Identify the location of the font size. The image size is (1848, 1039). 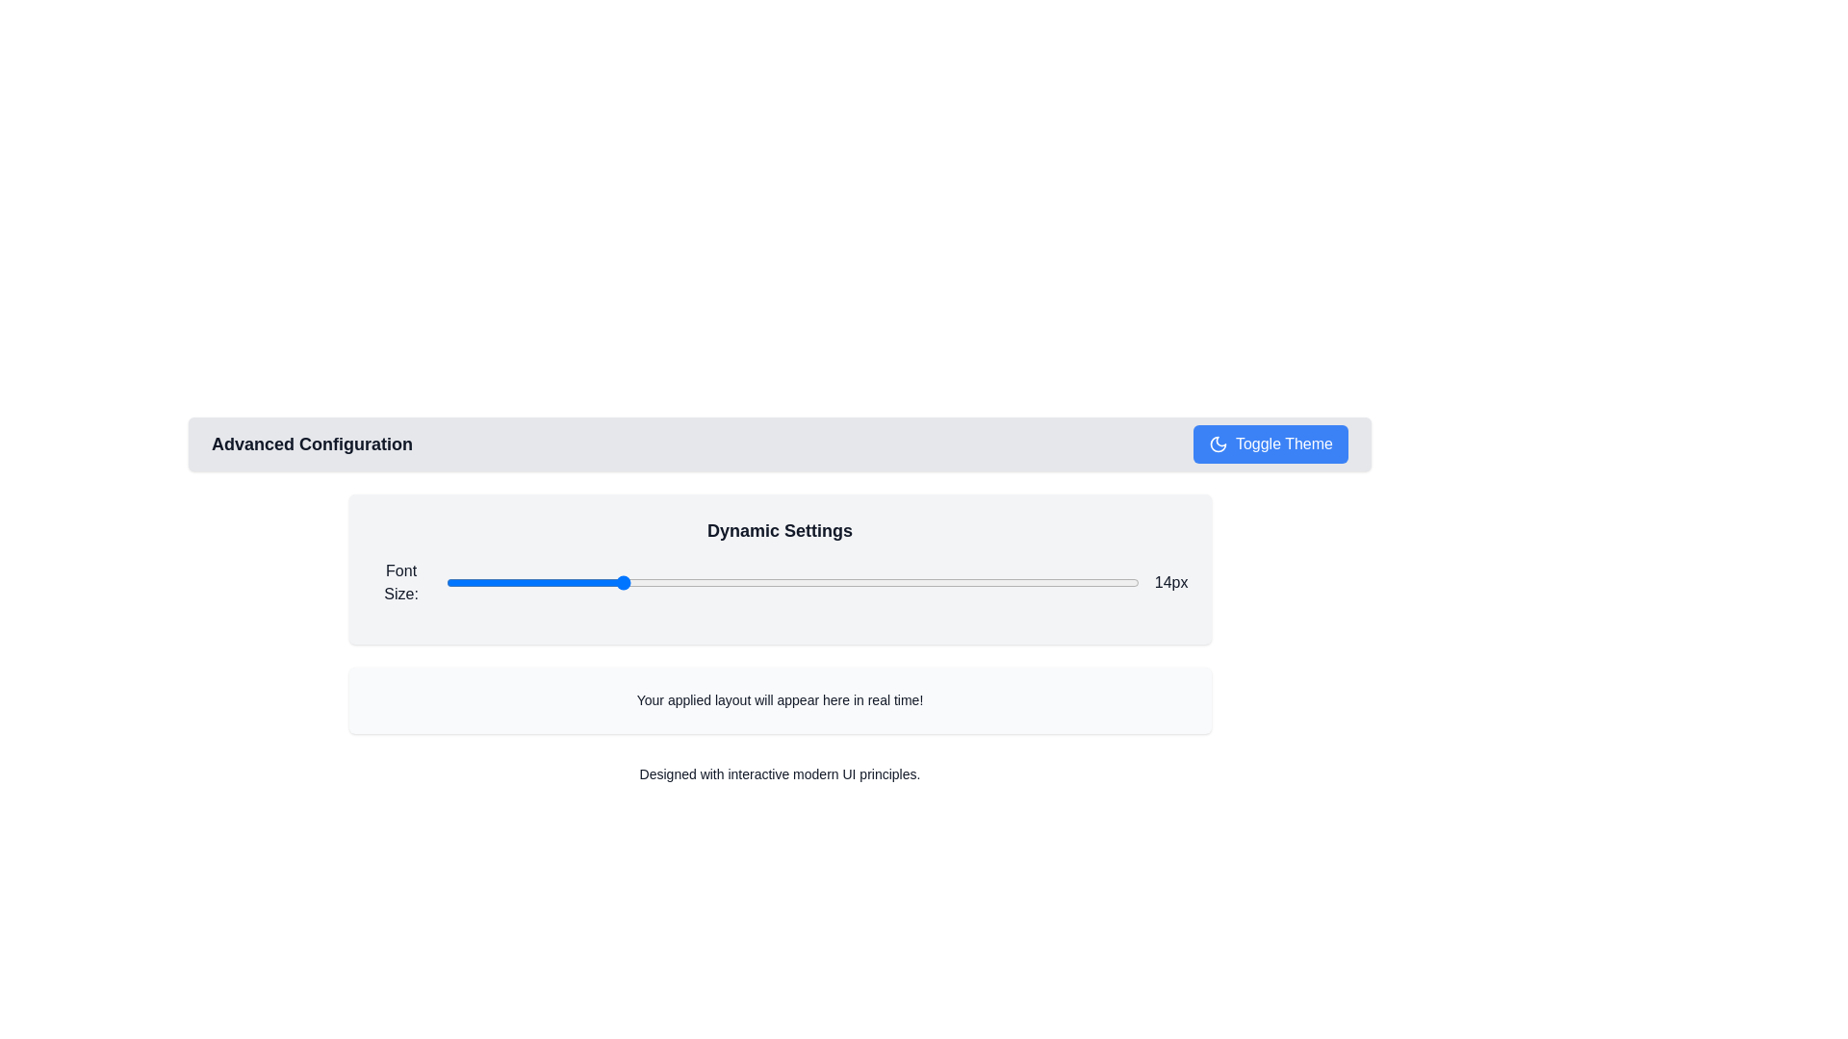
(532, 581).